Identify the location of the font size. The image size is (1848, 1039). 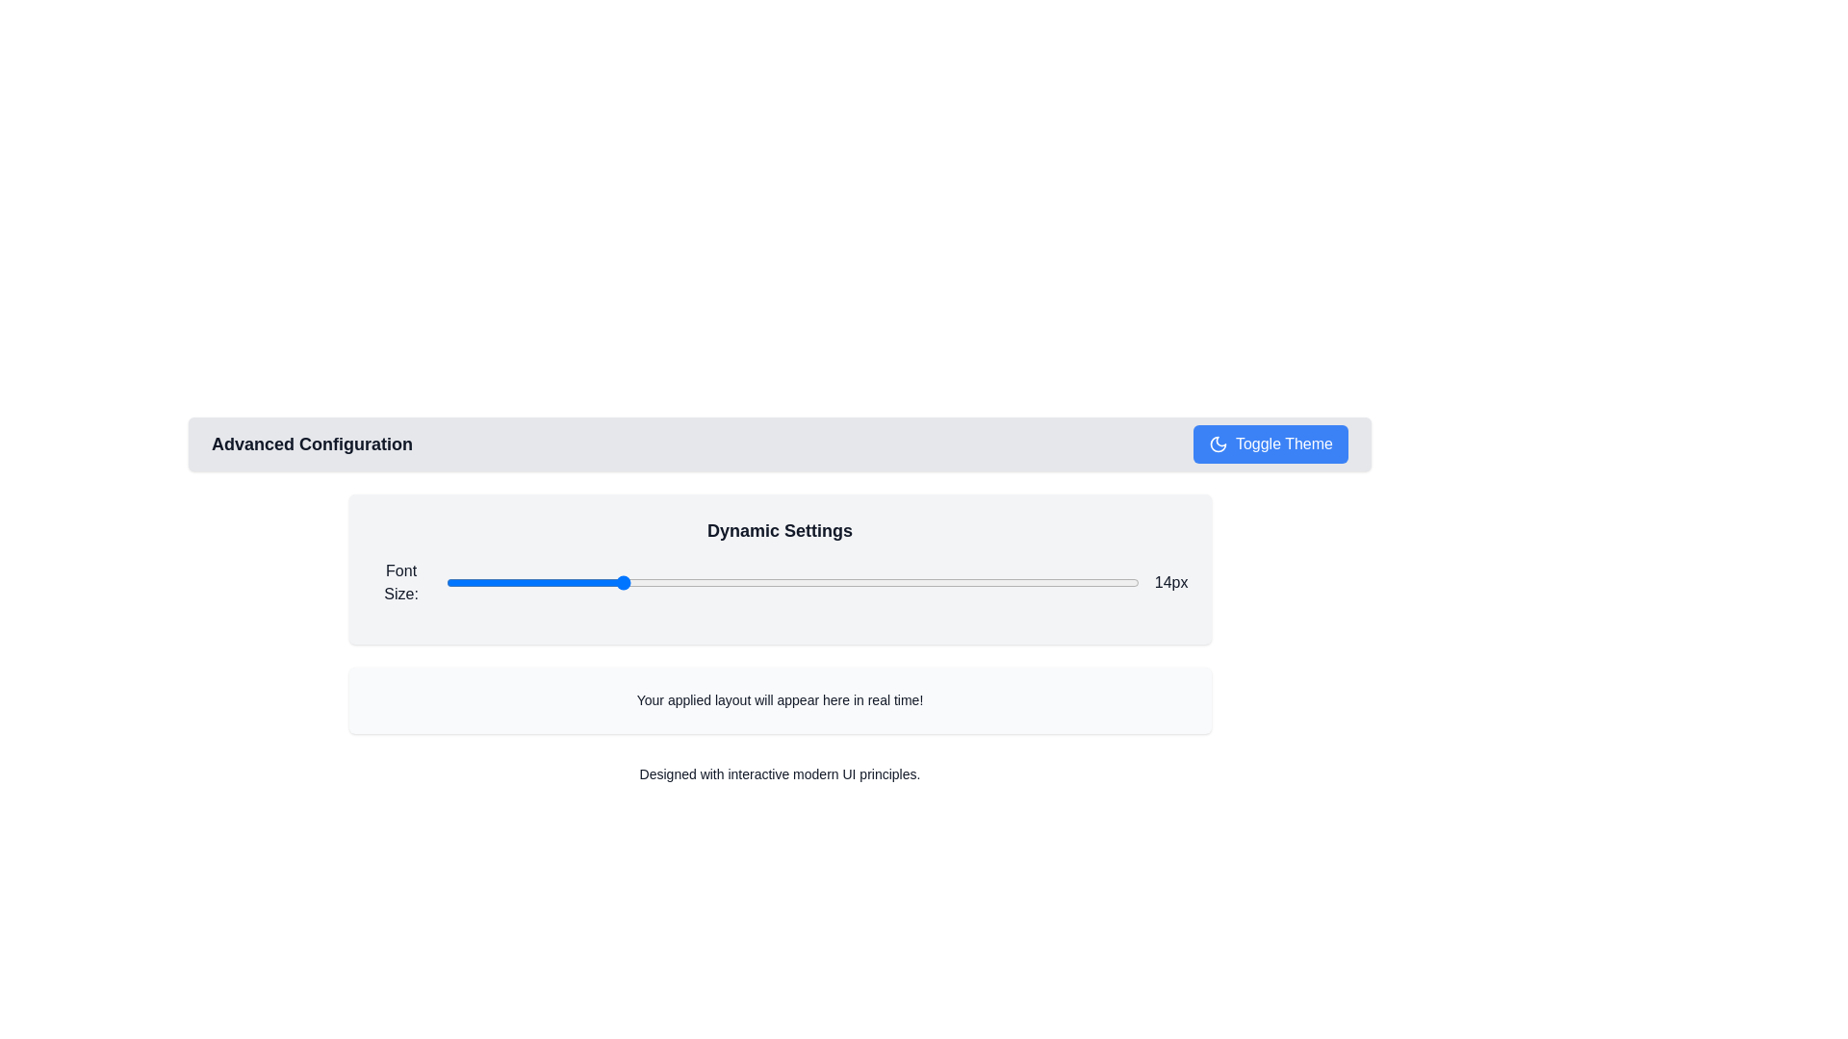
(532, 581).